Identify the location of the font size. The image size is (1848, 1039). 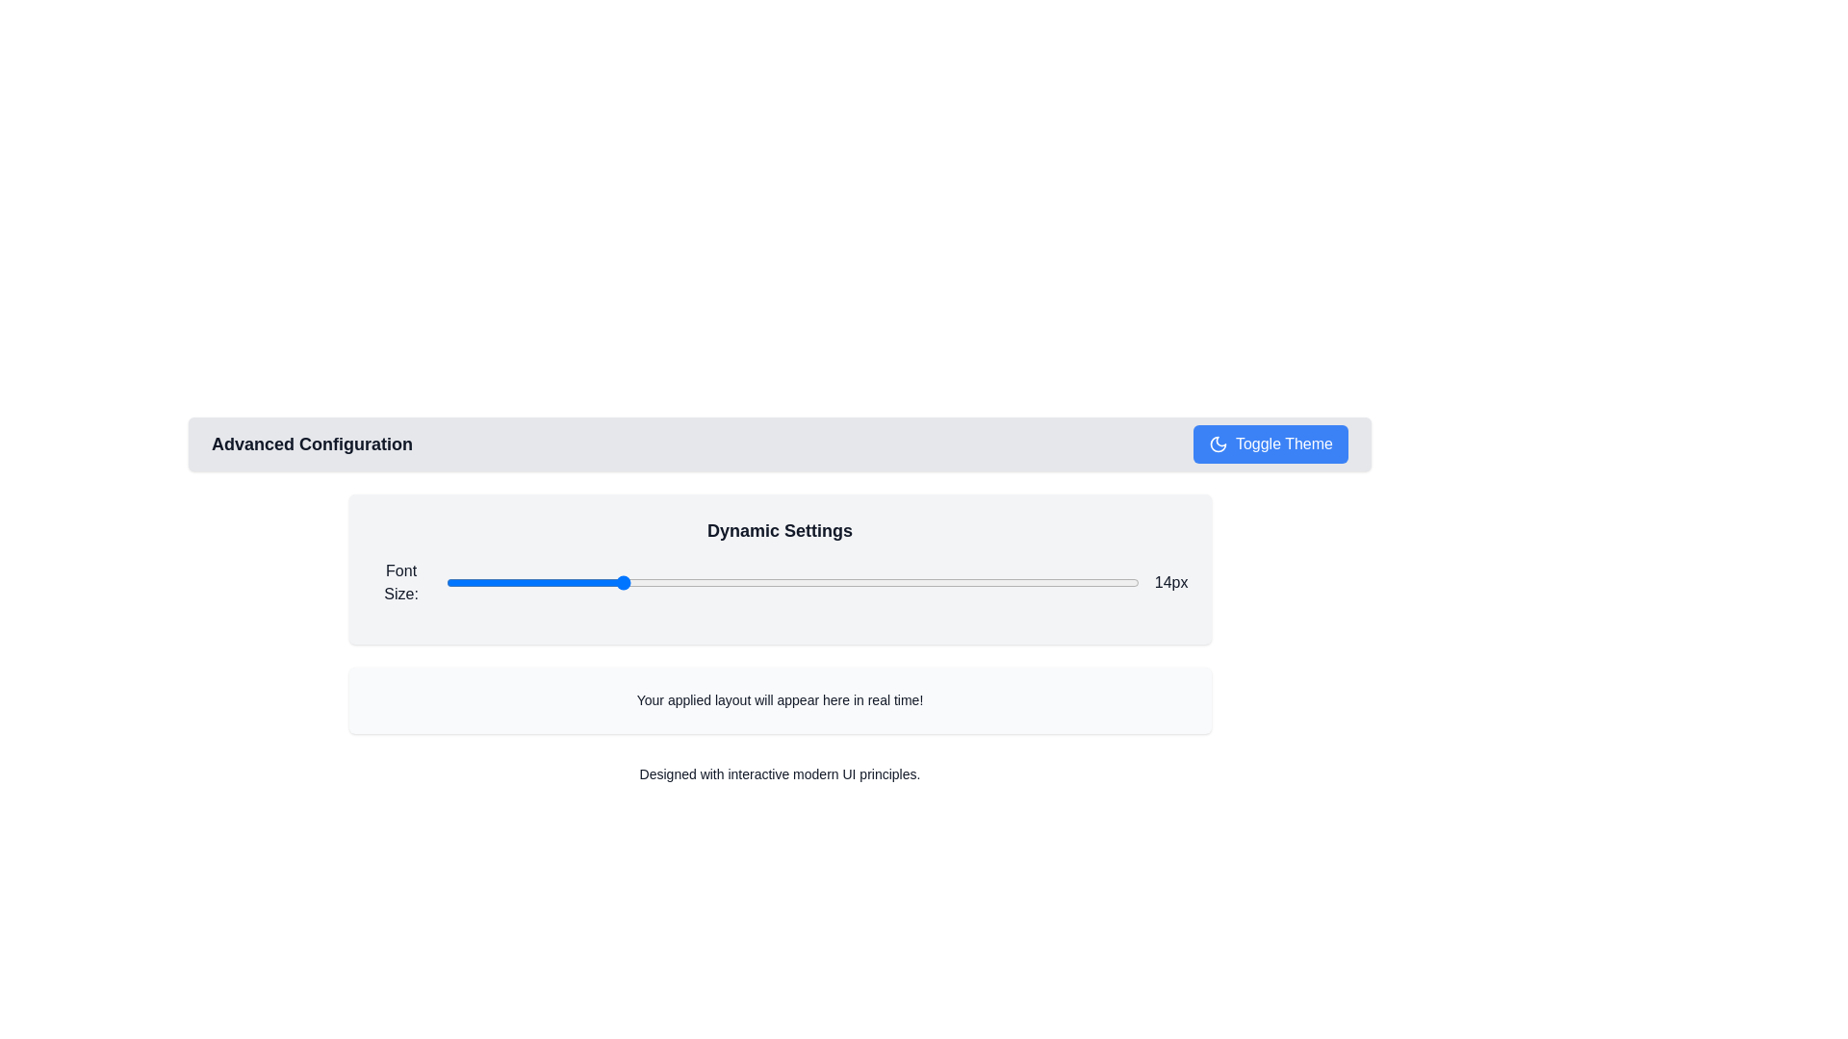
(532, 581).